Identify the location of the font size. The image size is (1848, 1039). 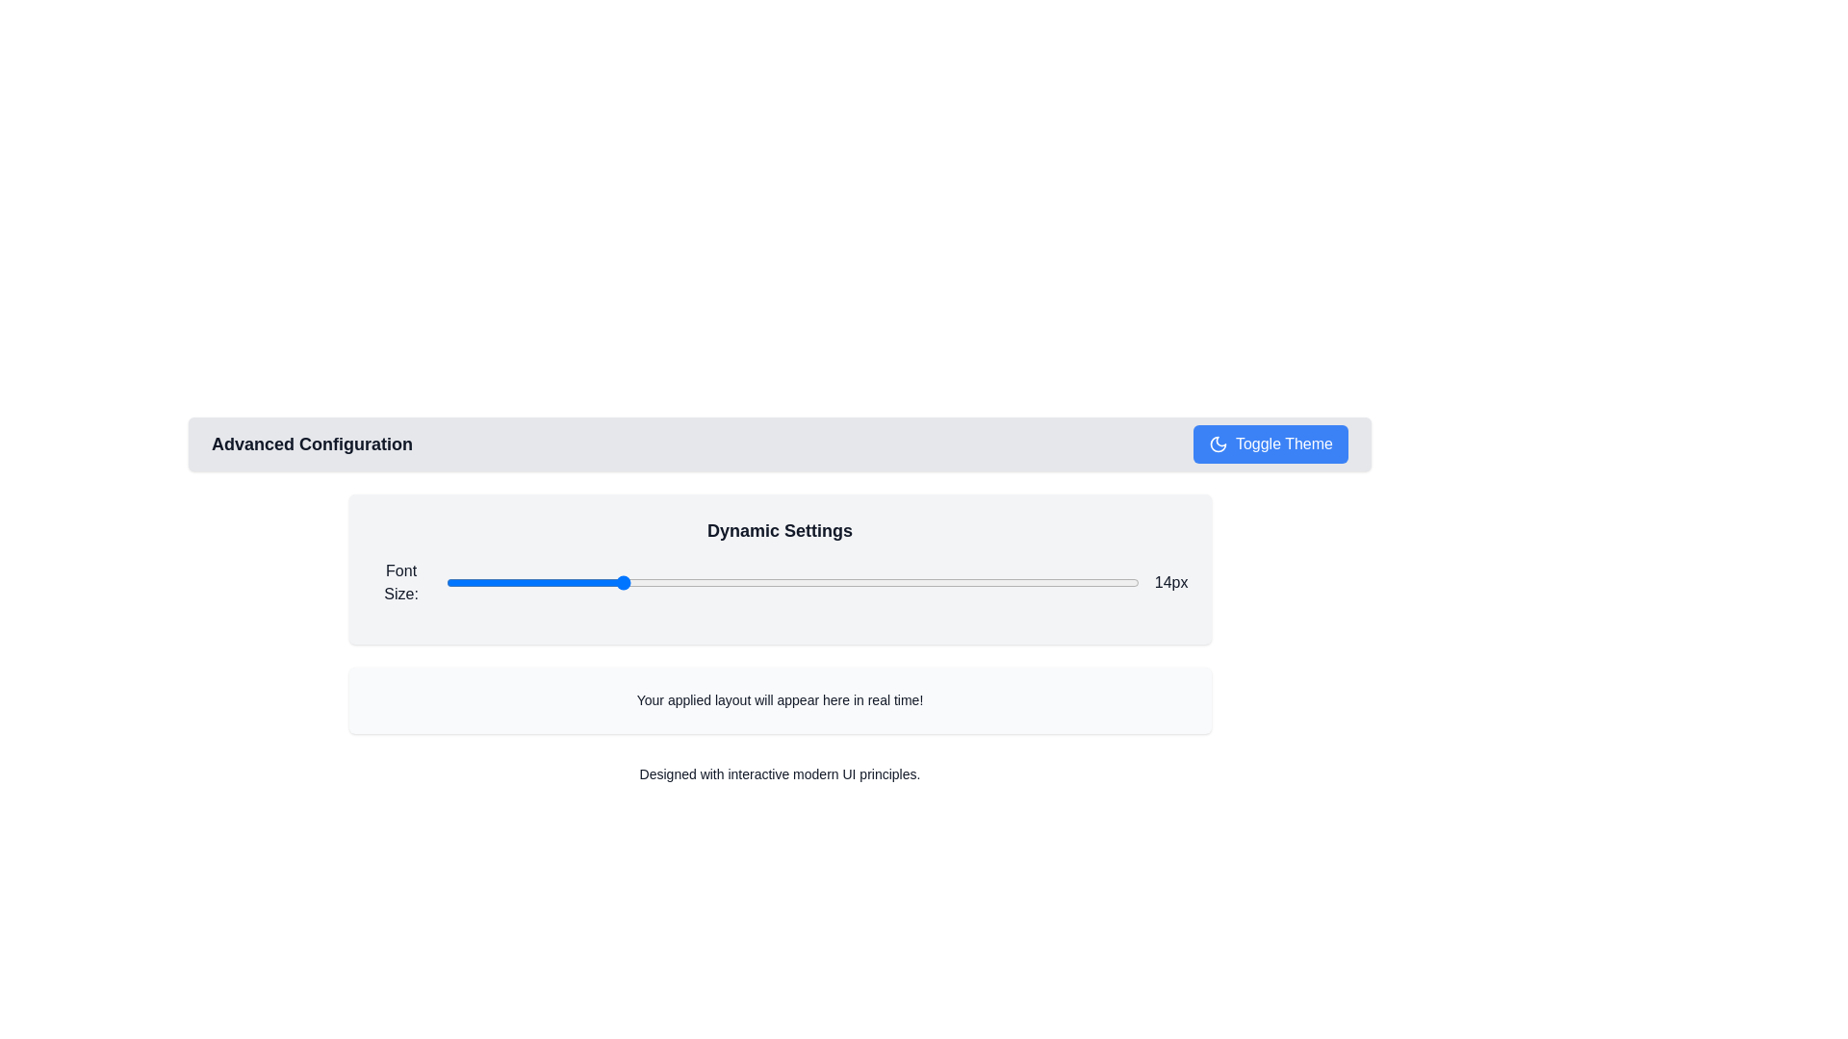
(532, 581).